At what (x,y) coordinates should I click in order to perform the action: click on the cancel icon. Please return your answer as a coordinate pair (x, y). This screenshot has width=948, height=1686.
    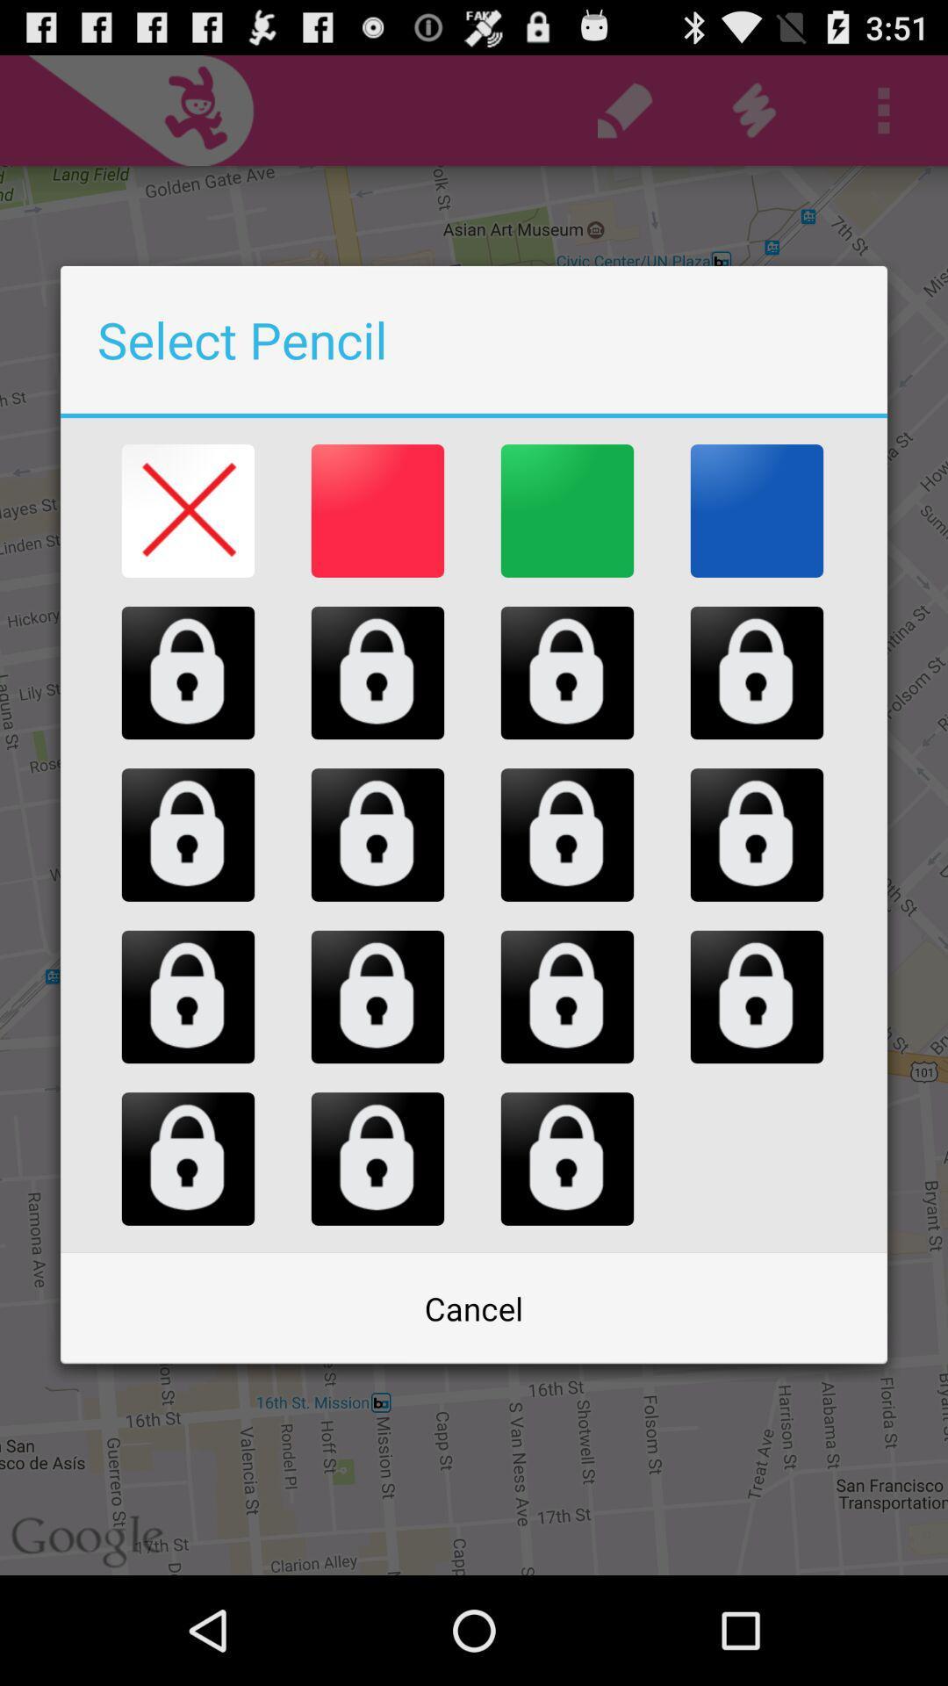
    Looking at the image, I should click on (474, 1308).